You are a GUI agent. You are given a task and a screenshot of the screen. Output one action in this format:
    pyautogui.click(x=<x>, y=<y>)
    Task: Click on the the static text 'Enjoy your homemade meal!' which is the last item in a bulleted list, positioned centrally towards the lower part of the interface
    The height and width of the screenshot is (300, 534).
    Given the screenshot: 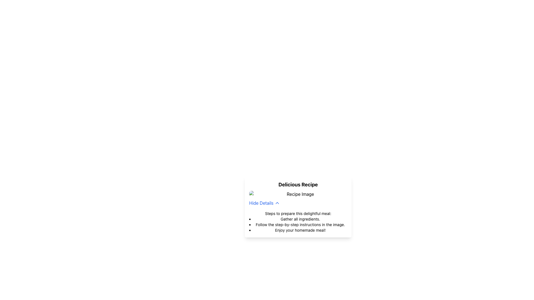 What is the action you would take?
    pyautogui.click(x=300, y=230)
    